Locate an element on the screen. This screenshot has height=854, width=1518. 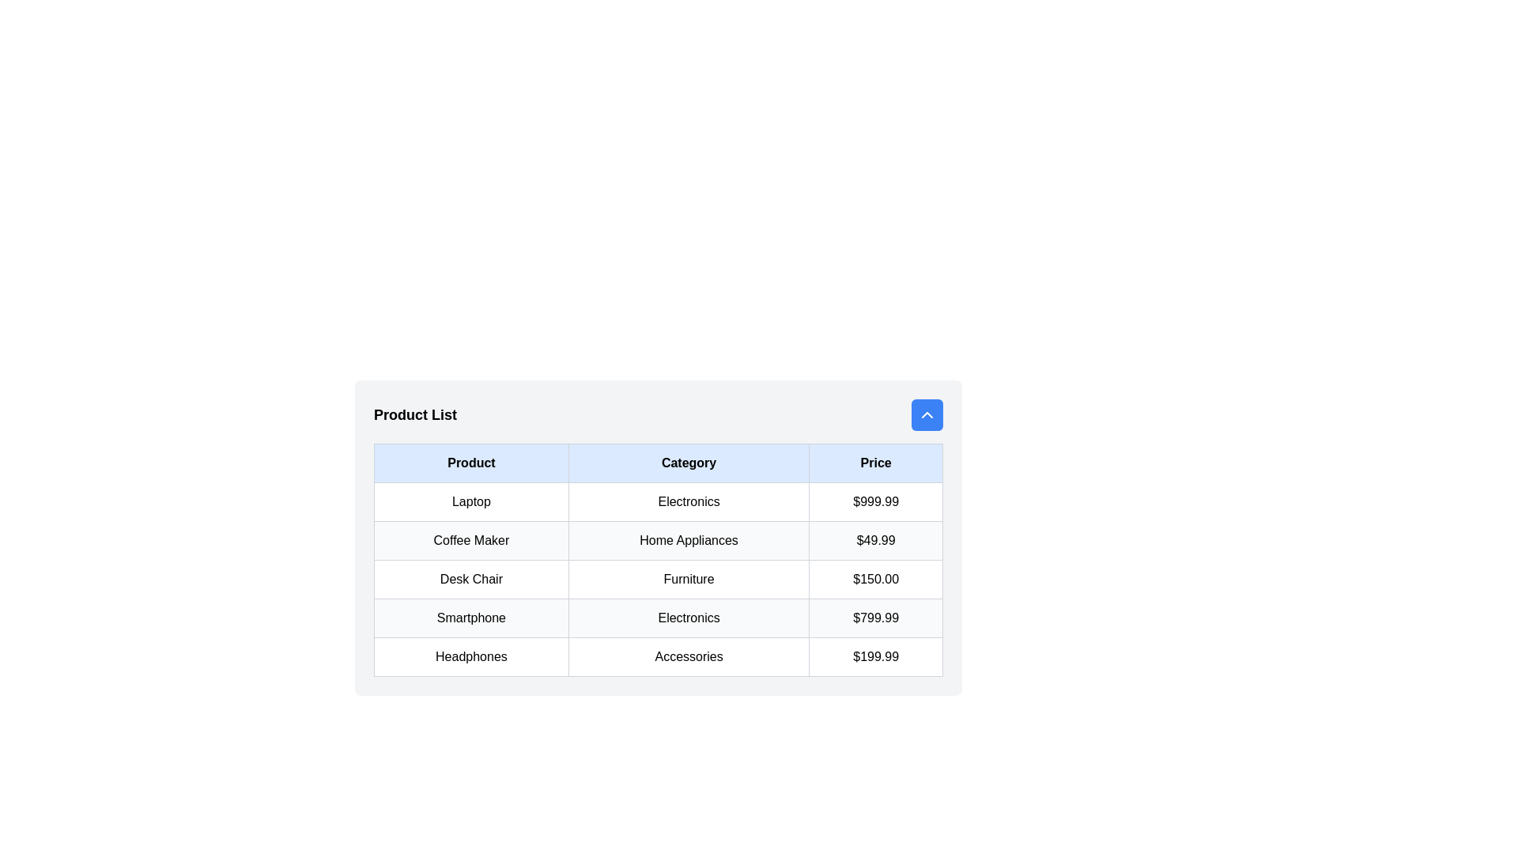
the 'Coffee Maker' text label in the product listing table, which is located in the second row under the 'Product' column is located at coordinates (470, 539).